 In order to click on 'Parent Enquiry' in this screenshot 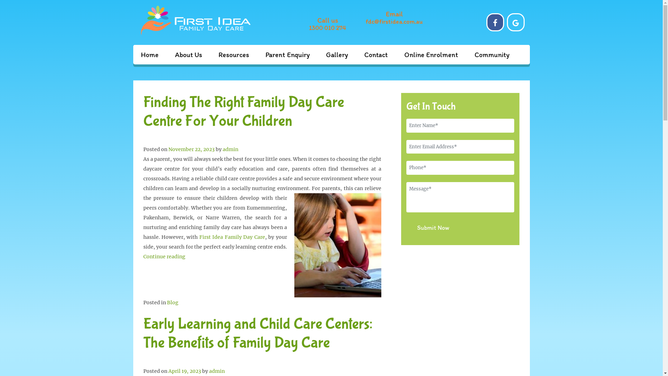, I will do `click(287, 54)`.